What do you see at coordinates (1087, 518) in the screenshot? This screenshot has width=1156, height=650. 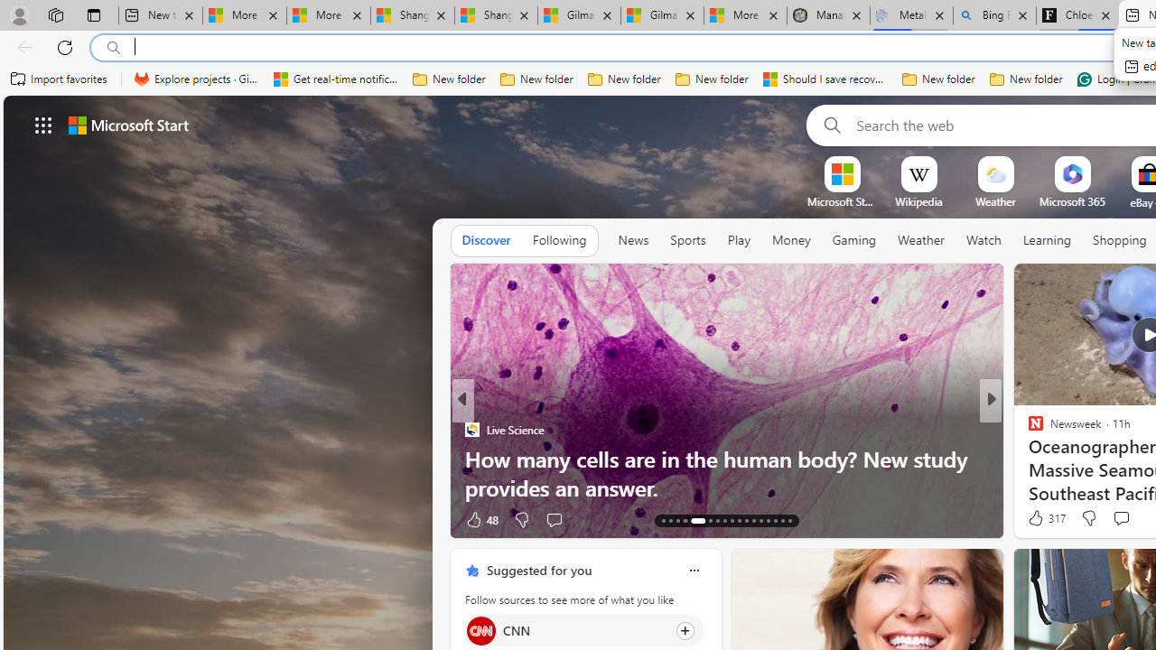 I see `'Dislike'` at bounding box center [1087, 518].